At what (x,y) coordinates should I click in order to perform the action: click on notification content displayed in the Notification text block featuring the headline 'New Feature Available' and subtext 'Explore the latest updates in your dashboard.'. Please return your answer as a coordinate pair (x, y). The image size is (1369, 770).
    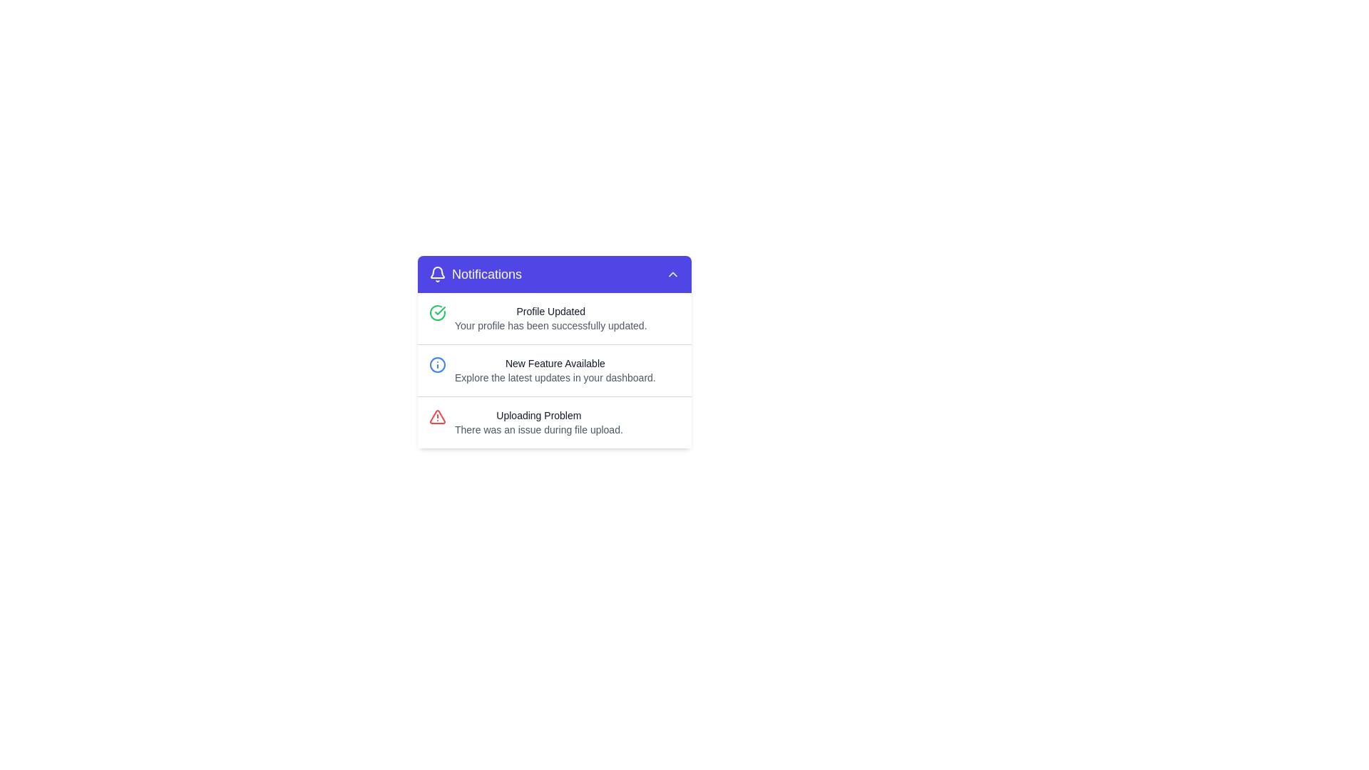
    Looking at the image, I should click on (554, 370).